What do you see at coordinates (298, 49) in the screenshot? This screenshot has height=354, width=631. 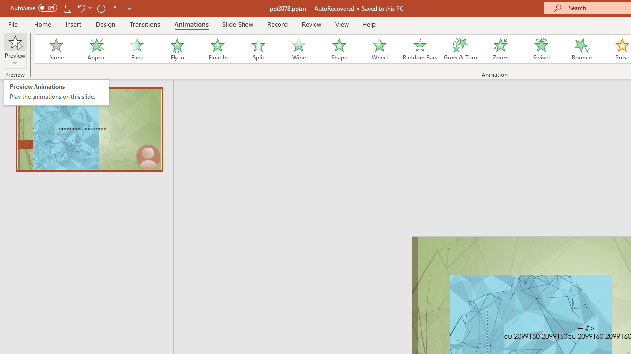 I see `'Wipe'` at bounding box center [298, 49].